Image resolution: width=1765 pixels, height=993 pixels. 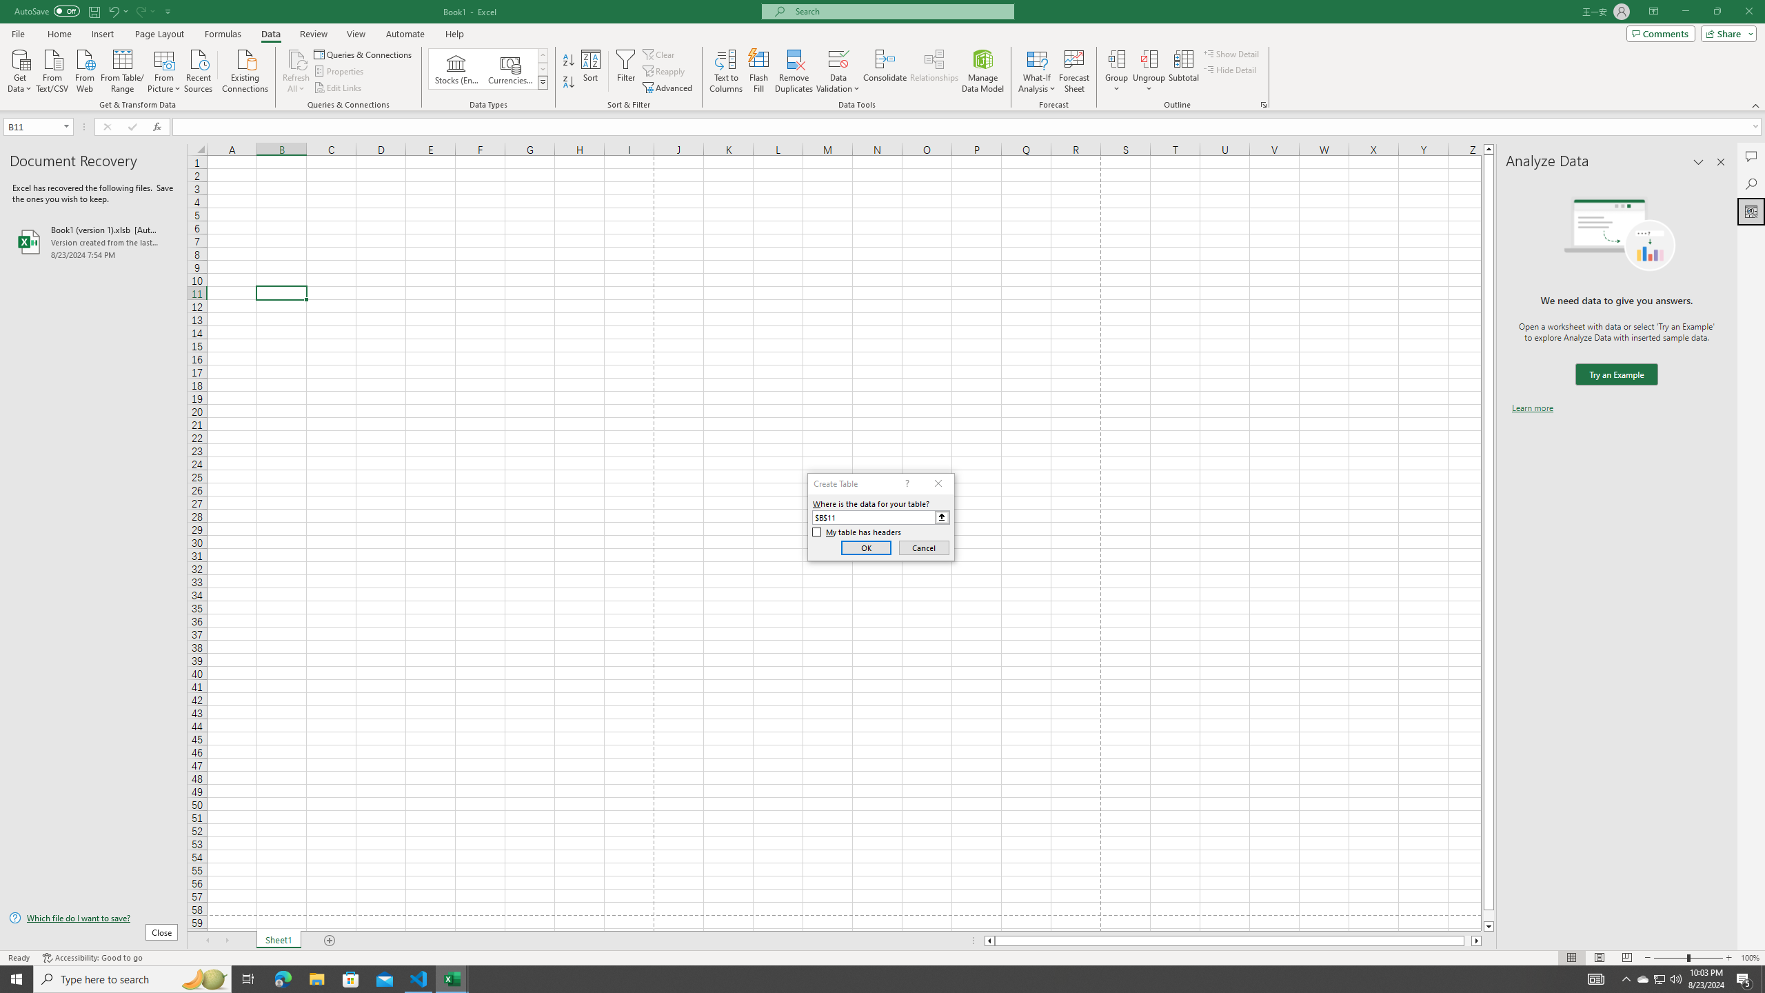 What do you see at coordinates (1183, 71) in the screenshot?
I see `'Subtotal'` at bounding box center [1183, 71].